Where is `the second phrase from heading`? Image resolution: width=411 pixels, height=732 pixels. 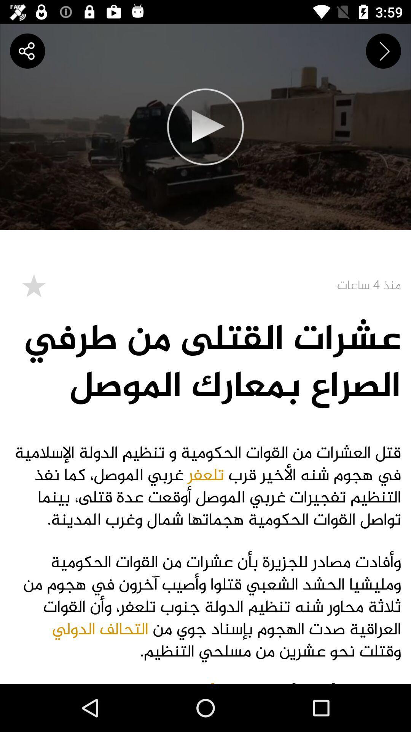
the second phrase from heading is located at coordinates (205, 607).